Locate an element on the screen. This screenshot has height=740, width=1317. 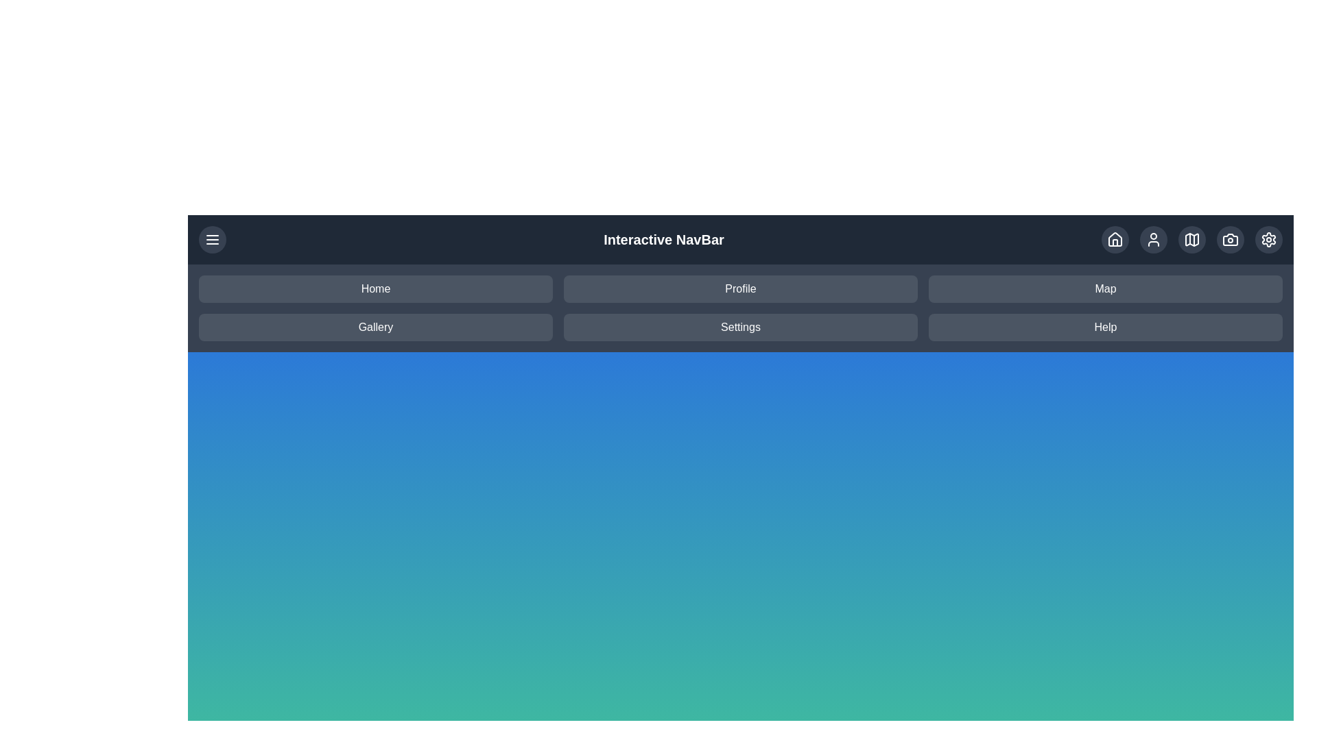
the Settings icon in the action bar is located at coordinates (1268, 239).